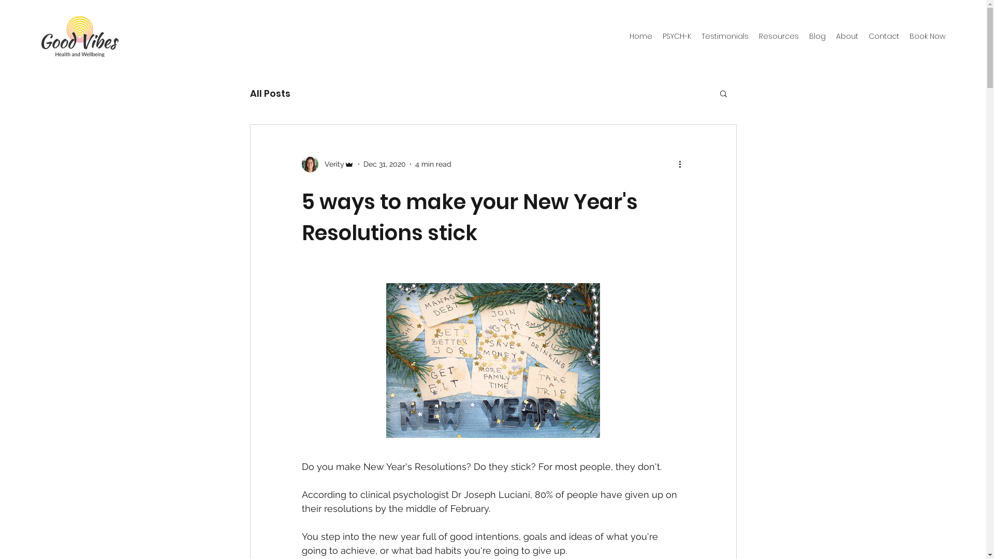 The width and height of the screenshot is (994, 559). What do you see at coordinates (883, 36) in the screenshot?
I see `'Contact'` at bounding box center [883, 36].